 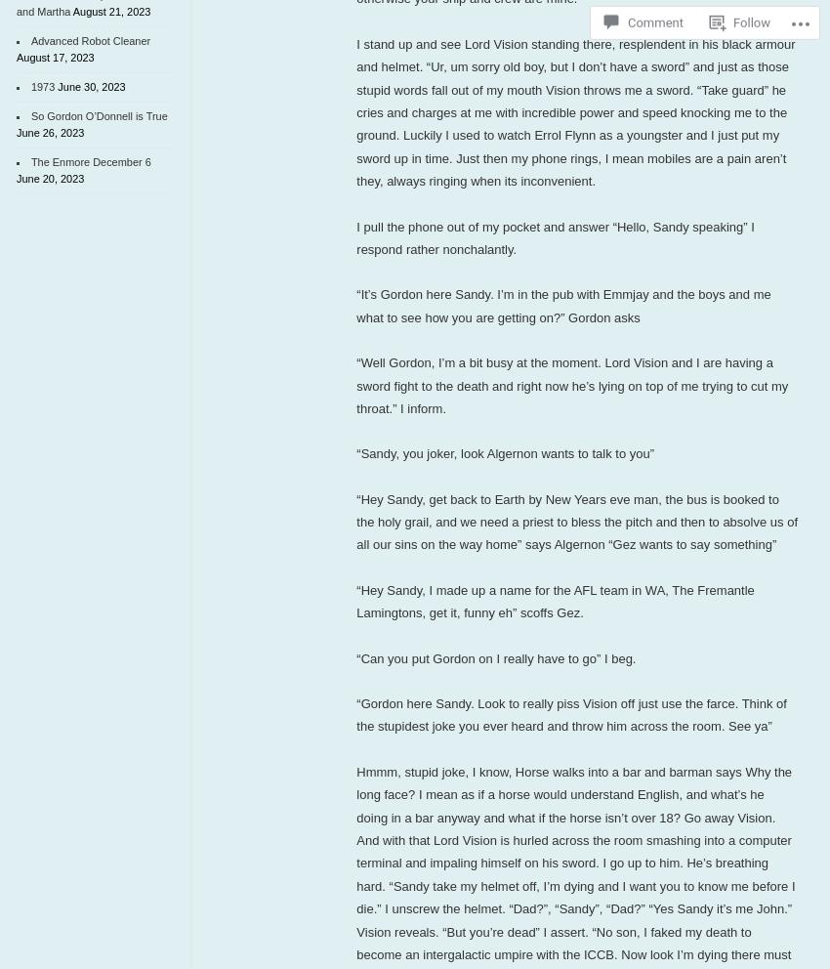 I want to click on 'August 17, 2023', so click(x=16, y=57).